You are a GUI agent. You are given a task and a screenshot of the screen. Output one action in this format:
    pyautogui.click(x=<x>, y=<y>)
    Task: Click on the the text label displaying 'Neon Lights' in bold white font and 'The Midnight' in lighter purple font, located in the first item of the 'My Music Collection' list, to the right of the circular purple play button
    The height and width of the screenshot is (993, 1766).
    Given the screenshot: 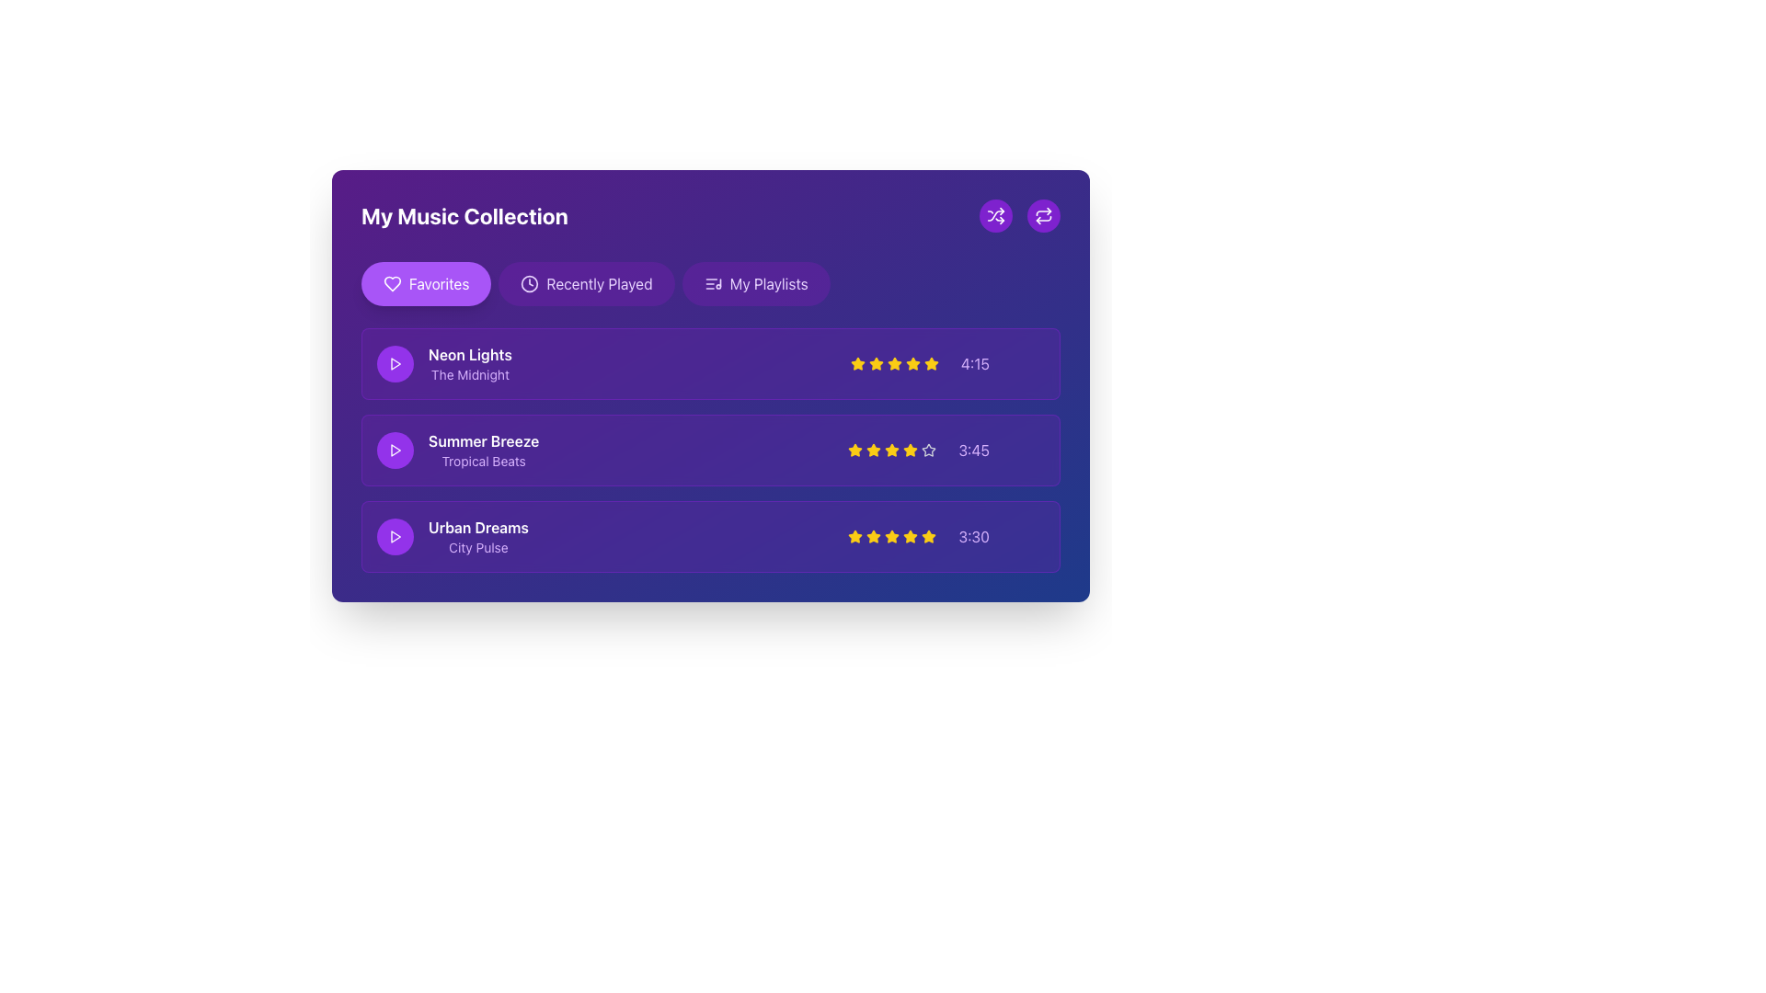 What is the action you would take?
    pyautogui.click(x=470, y=364)
    